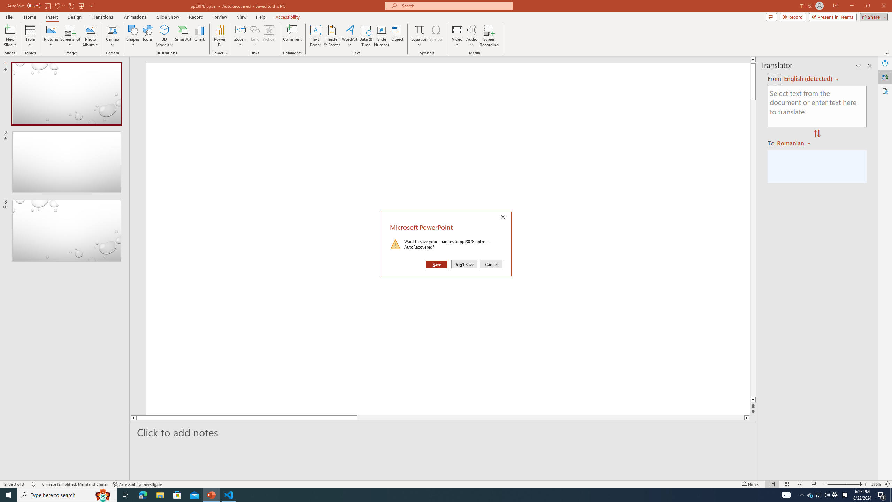  I want to click on 'SmartArt...', so click(183, 36).